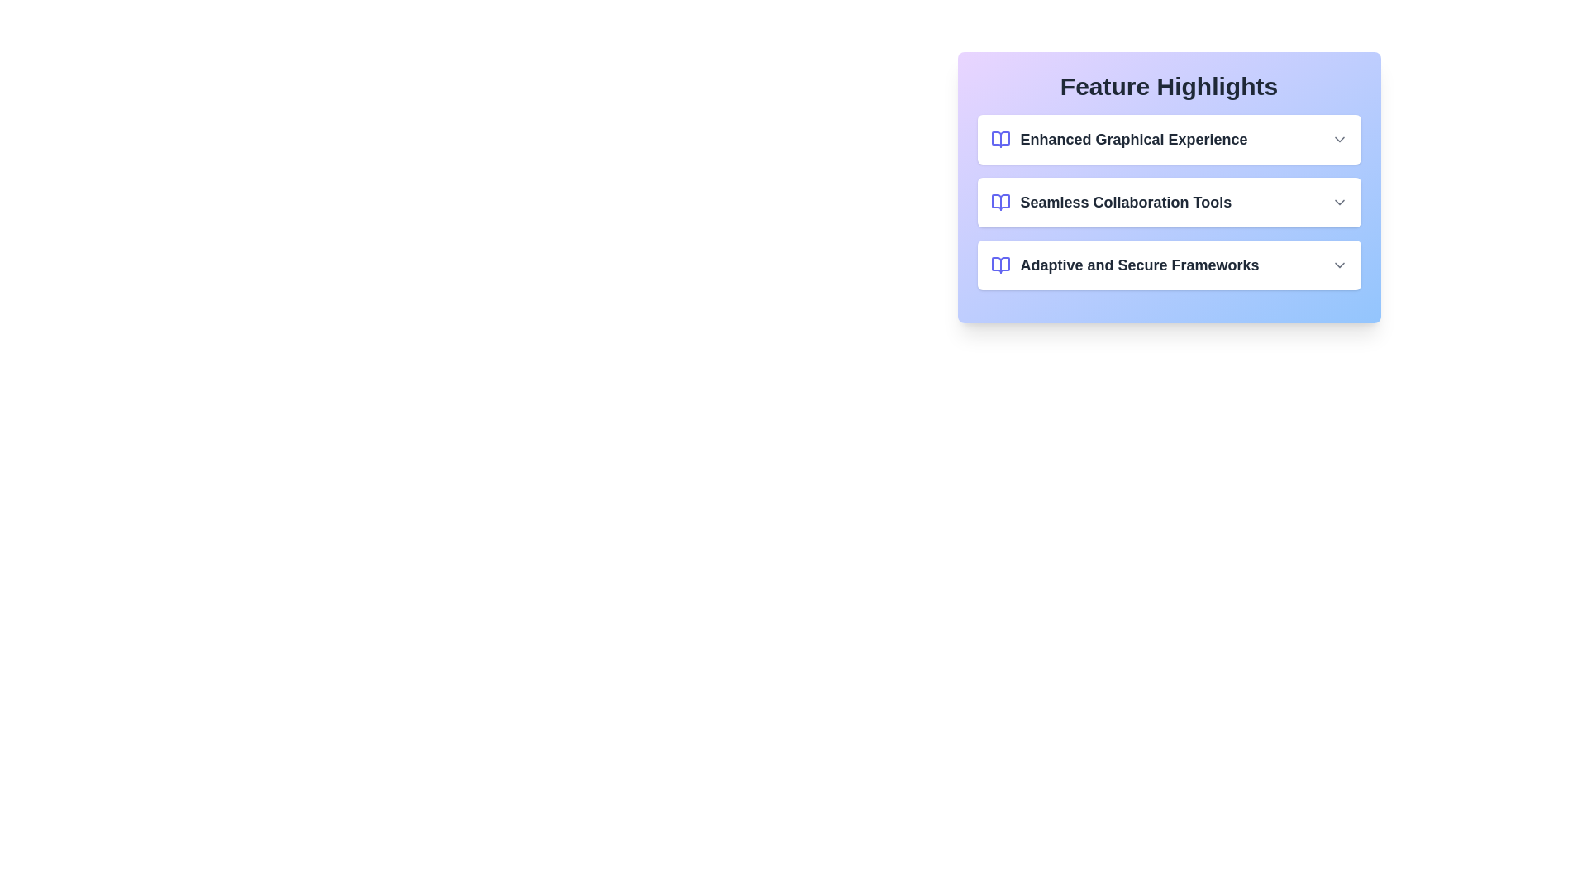 The height and width of the screenshot is (893, 1587). Describe the element at coordinates (1125, 202) in the screenshot. I see `the Text Label that provides descriptive information about a specific feature in the 'Feature Highlights' list, which is positioned as the second item in the right section of the interface` at that location.